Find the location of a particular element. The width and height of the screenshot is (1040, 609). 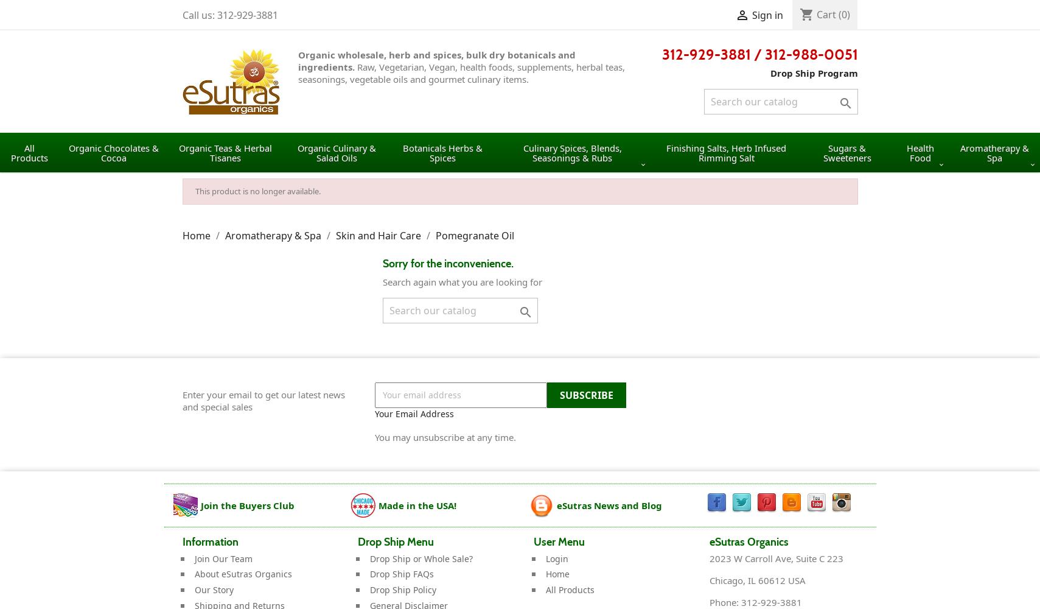

'eSutras News and Blog' is located at coordinates (609, 504).